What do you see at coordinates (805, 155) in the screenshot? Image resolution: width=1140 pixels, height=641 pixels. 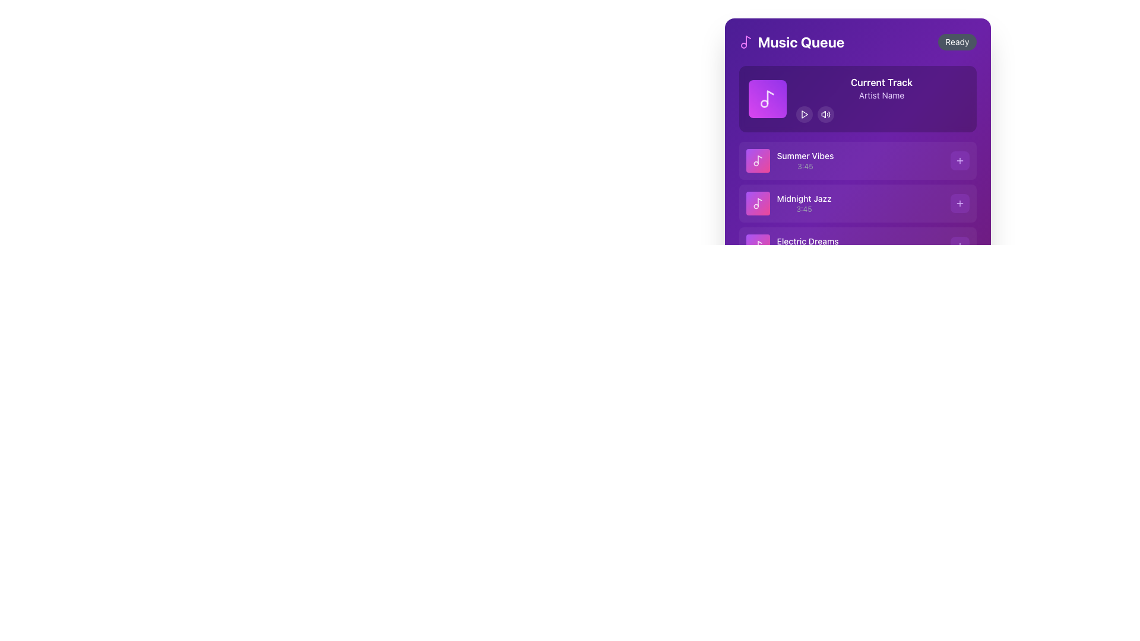 I see `text from the 'Summer Vibes' text label, which is displayed in white, medium-sized sans-serif font and is centrally positioned at the top of the music queue interface` at bounding box center [805, 155].